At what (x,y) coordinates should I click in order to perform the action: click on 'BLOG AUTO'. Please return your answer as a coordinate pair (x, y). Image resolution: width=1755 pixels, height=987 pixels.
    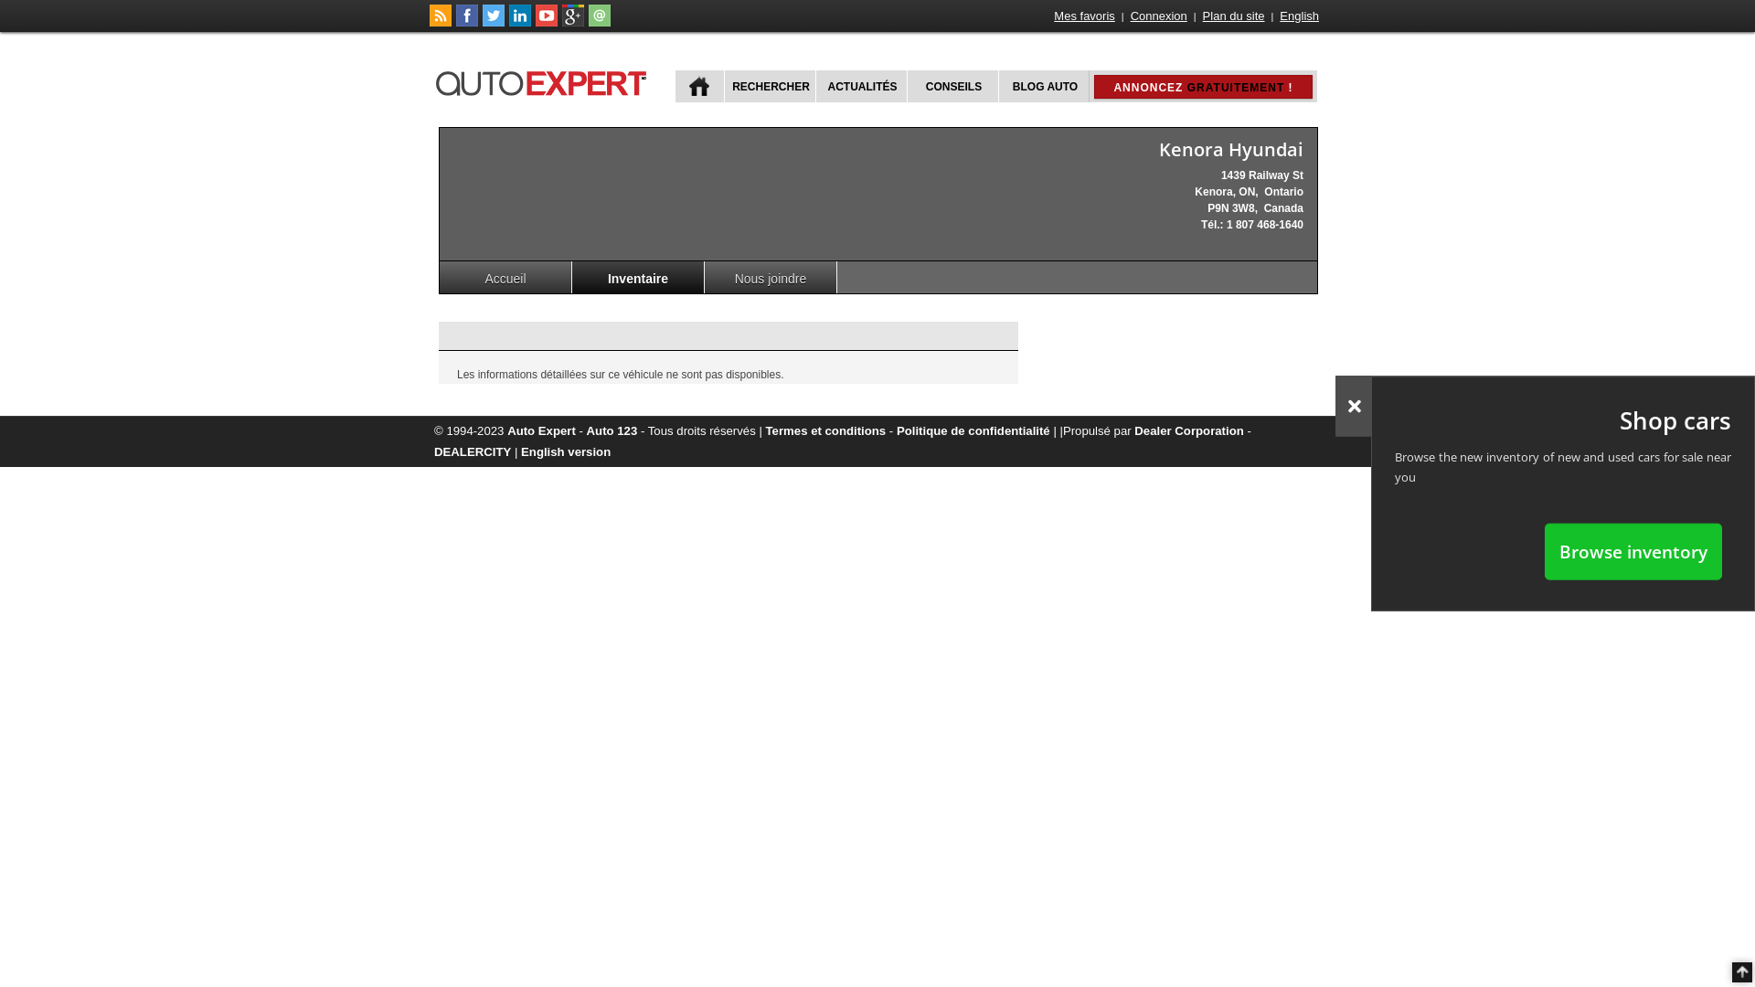
    Looking at the image, I should click on (1044, 86).